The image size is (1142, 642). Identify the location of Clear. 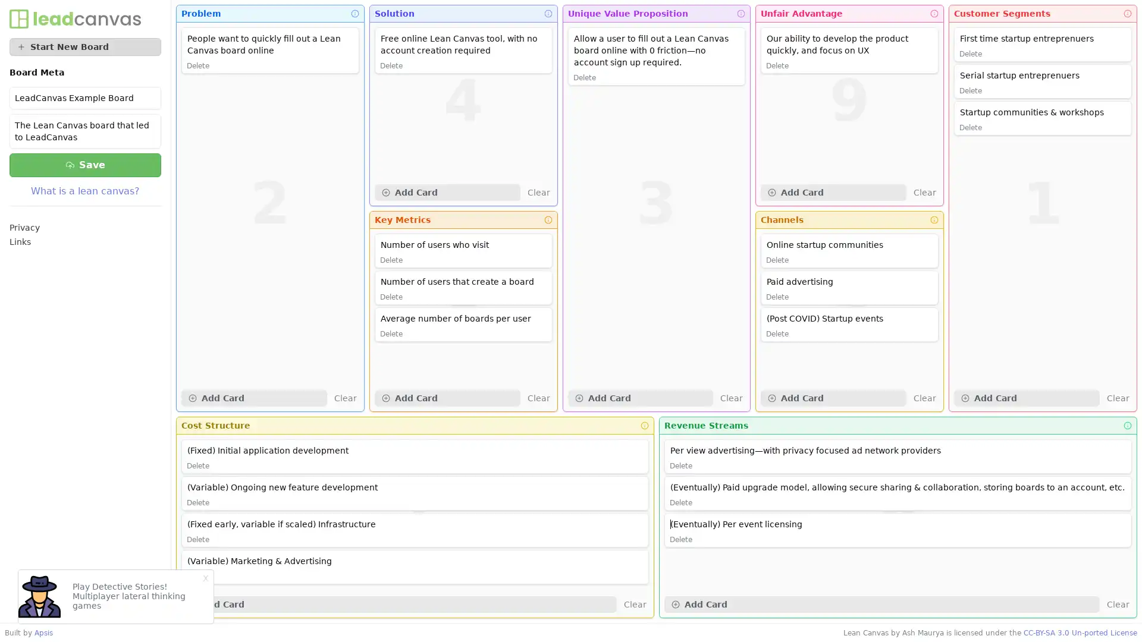
(1118, 605).